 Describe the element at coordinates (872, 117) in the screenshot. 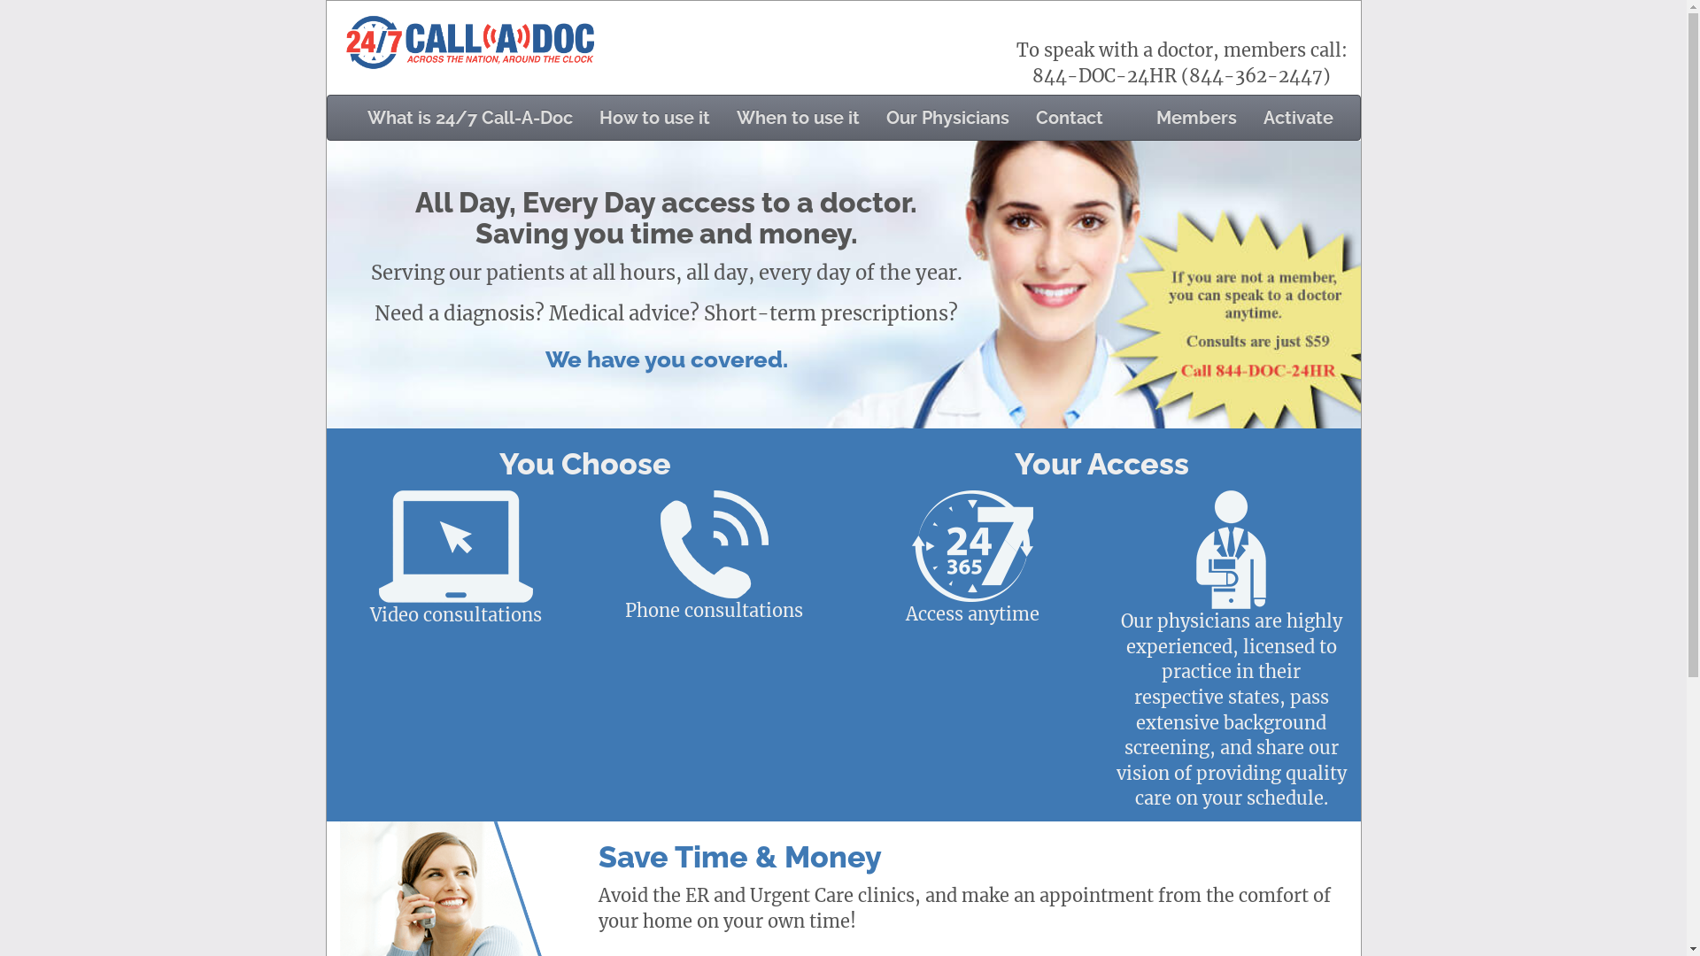

I see `'Our Physicians'` at that location.